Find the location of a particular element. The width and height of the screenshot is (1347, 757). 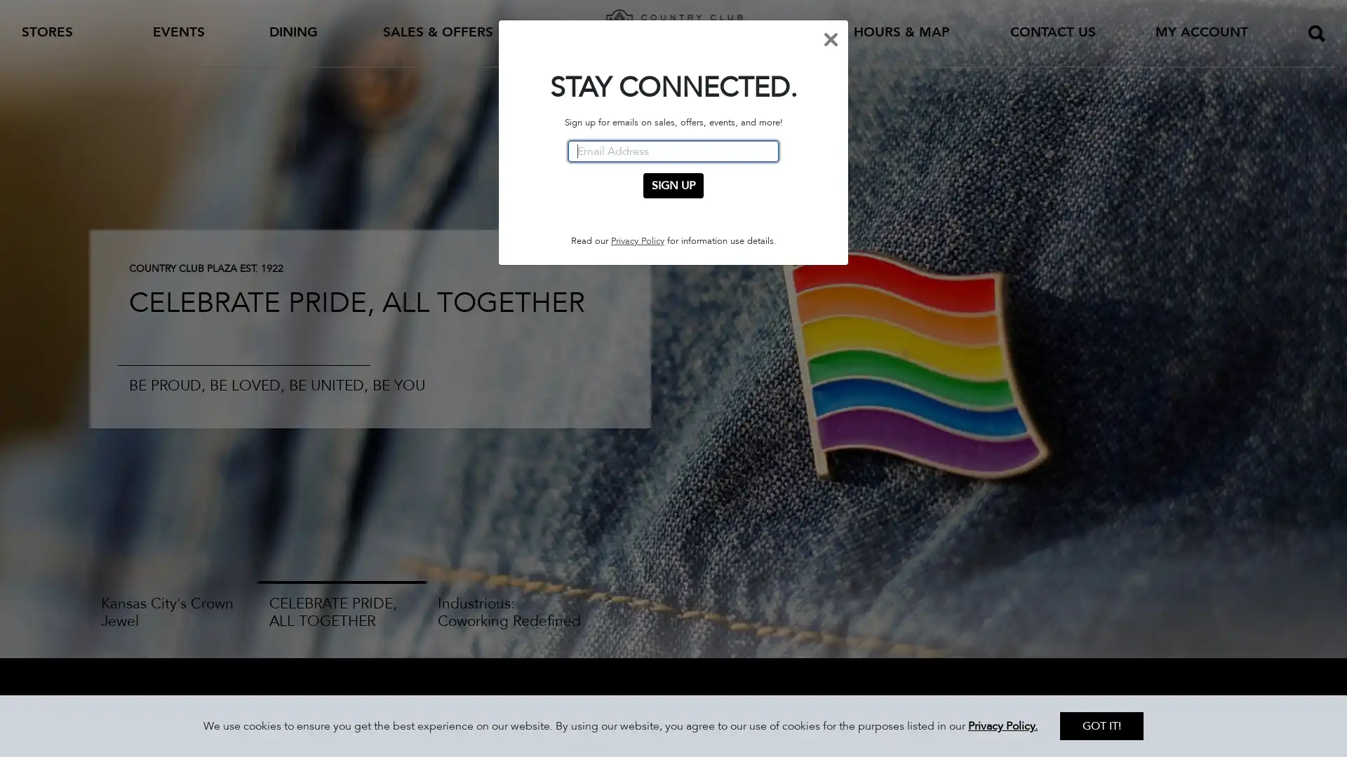

Privacy Policy. is located at coordinates (1002, 725).